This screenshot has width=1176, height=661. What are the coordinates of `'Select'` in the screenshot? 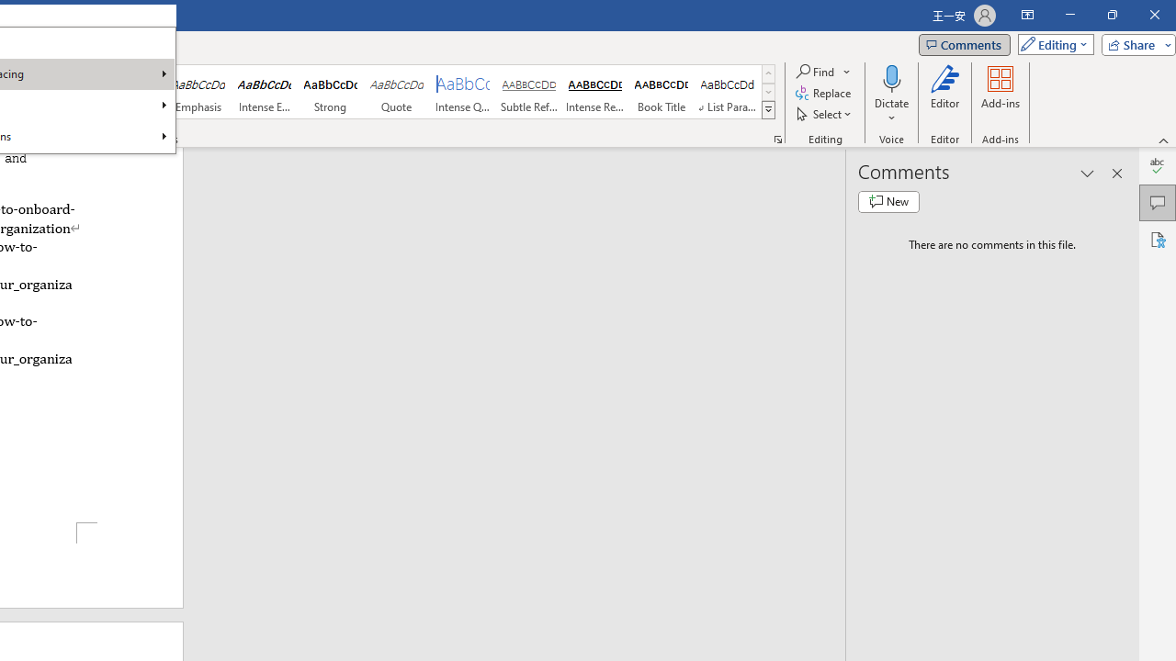 It's located at (824, 114).